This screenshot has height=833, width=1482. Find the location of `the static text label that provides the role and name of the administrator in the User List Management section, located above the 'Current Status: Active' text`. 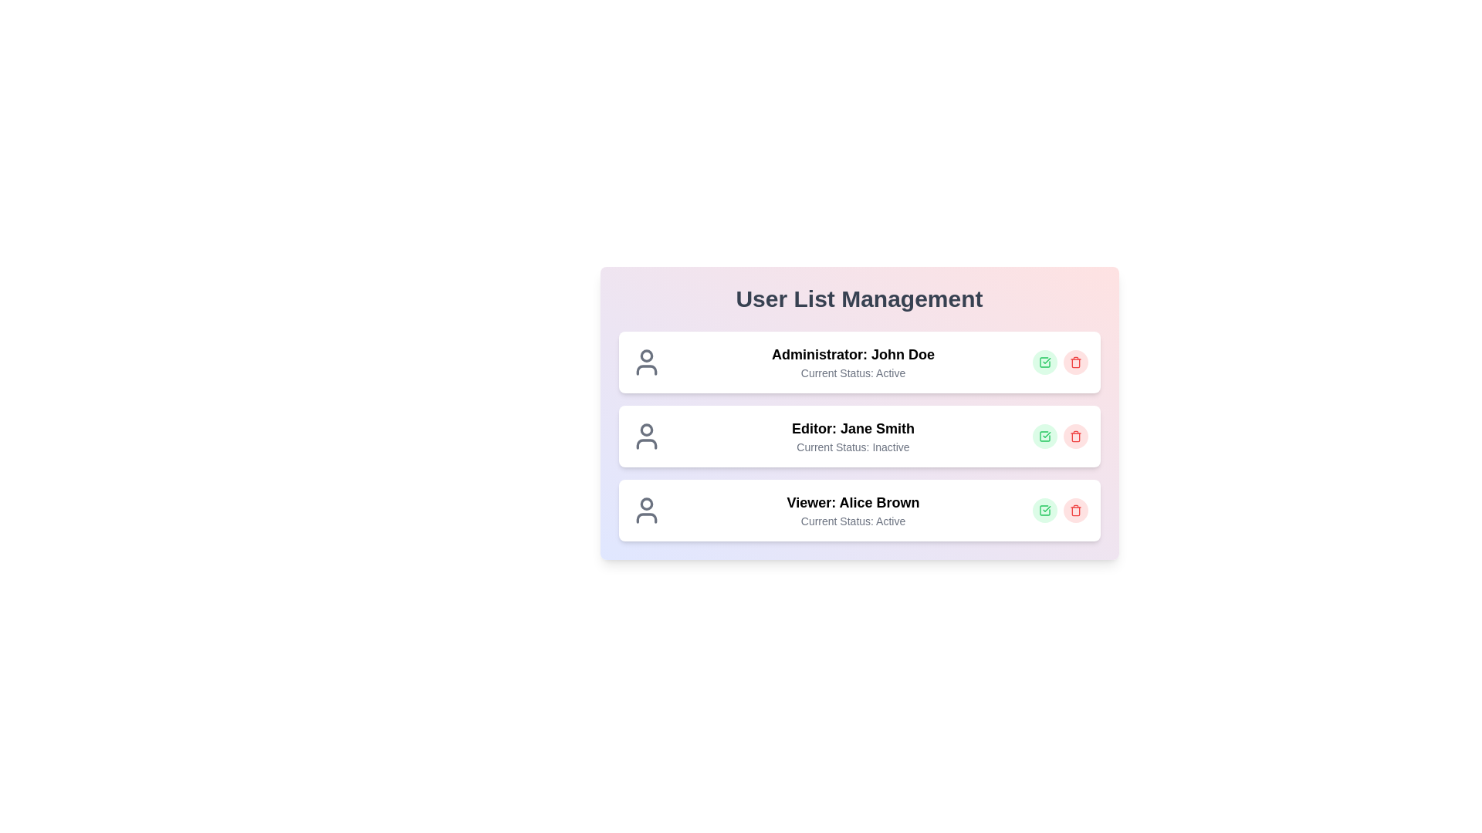

the static text label that provides the role and name of the administrator in the User List Management section, located above the 'Current Status: Active' text is located at coordinates (852, 354).